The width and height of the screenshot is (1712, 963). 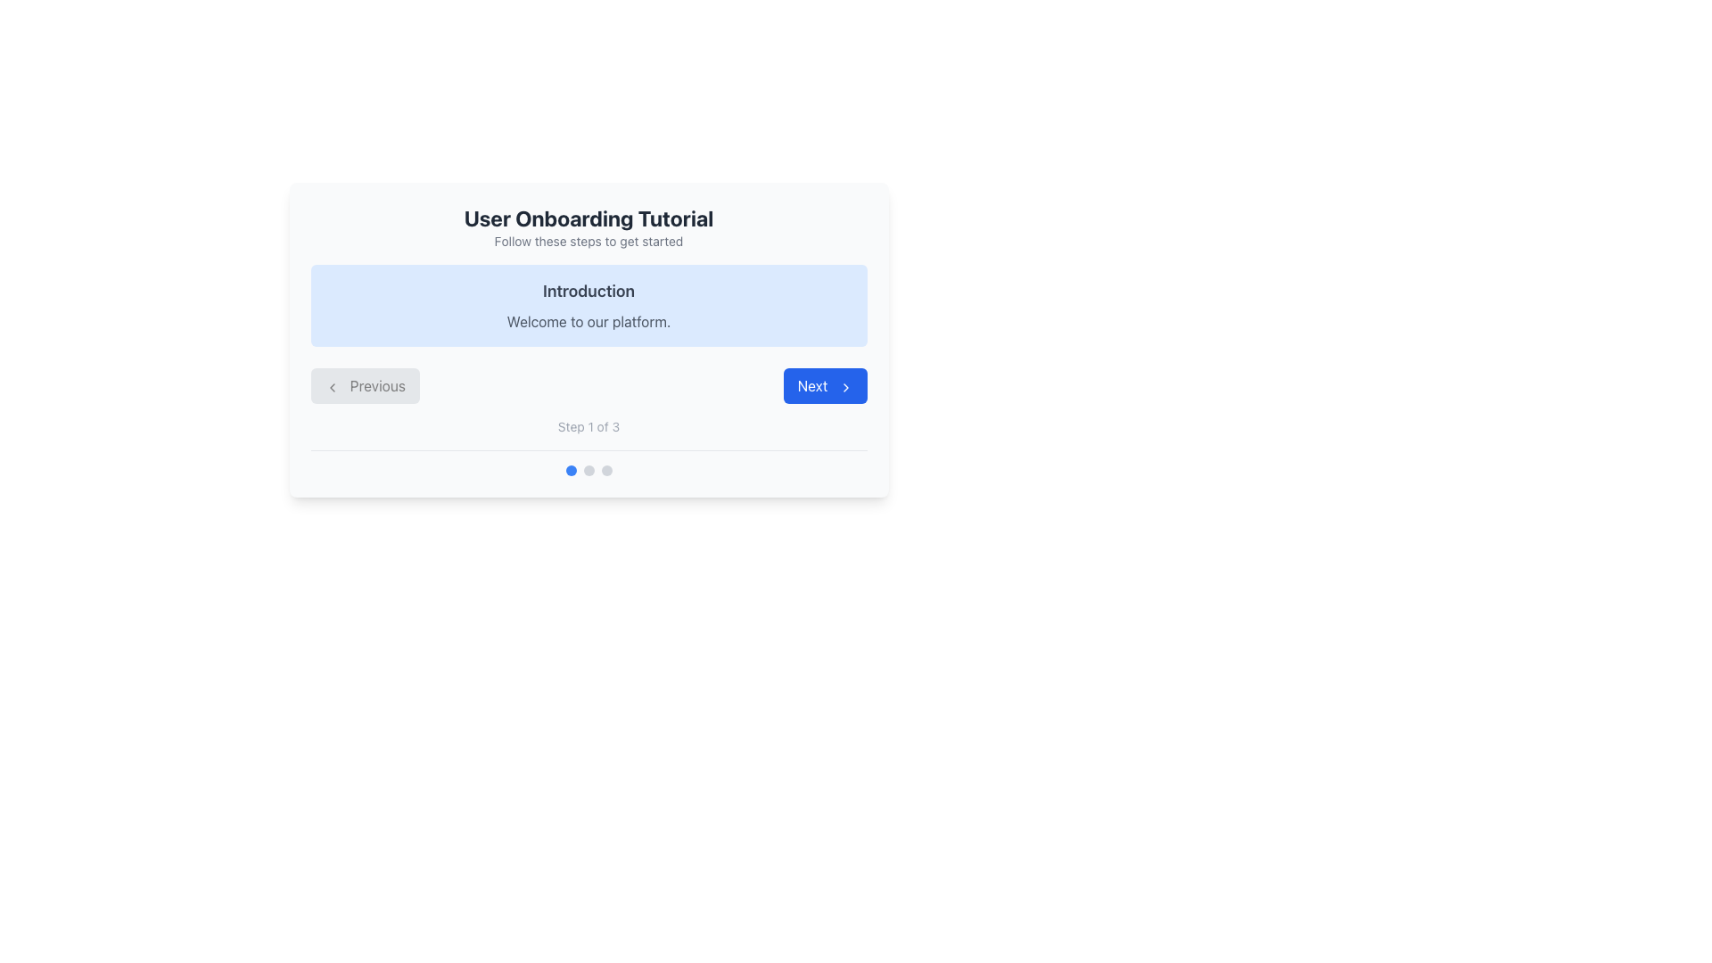 What do you see at coordinates (588, 291) in the screenshot?
I see `the text label displaying 'Introduction' in bold, dark gray color on a light blue background, which is centered above the 'Welcome to our platform' text` at bounding box center [588, 291].